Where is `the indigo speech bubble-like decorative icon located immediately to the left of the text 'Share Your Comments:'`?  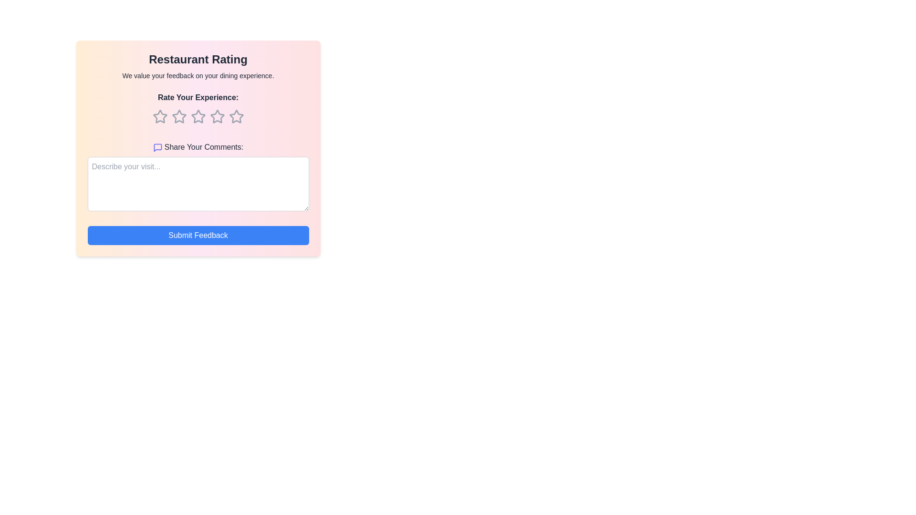 the indigo speech bubble-like decorative icon located immediately to the left of the text 'Share Your Comments:' is located at coordinates (157, 147).